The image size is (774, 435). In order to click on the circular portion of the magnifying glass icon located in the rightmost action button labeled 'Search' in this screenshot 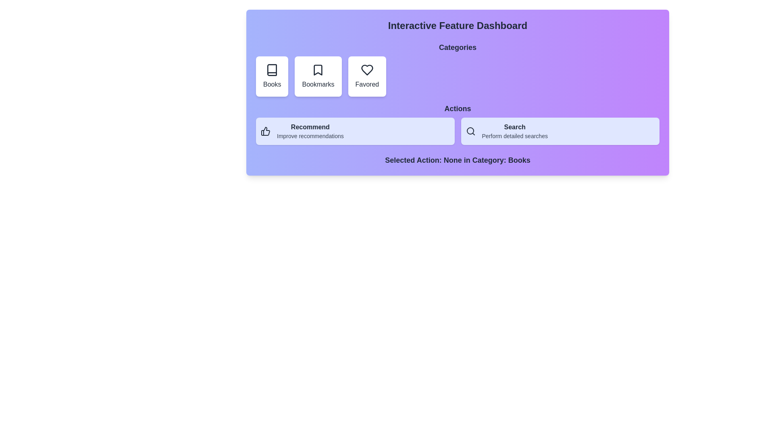, I will do `click(470, 130)`.